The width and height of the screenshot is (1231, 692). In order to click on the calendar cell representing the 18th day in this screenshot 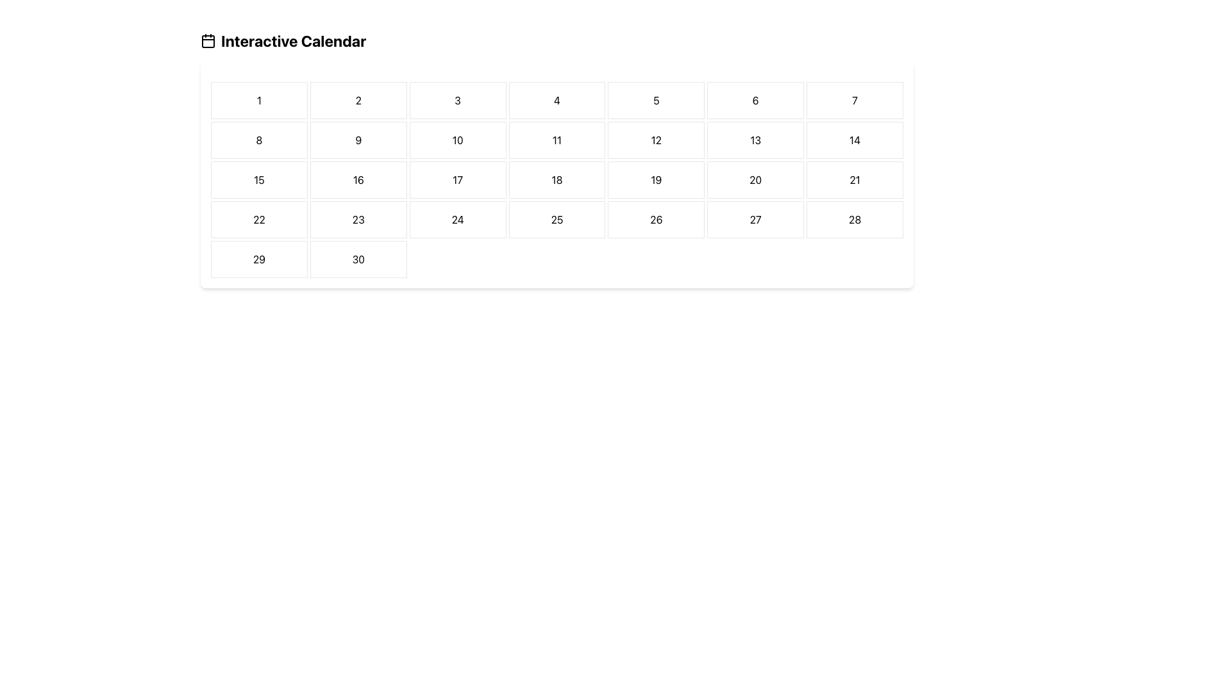, I will do `click(557, 180)`.